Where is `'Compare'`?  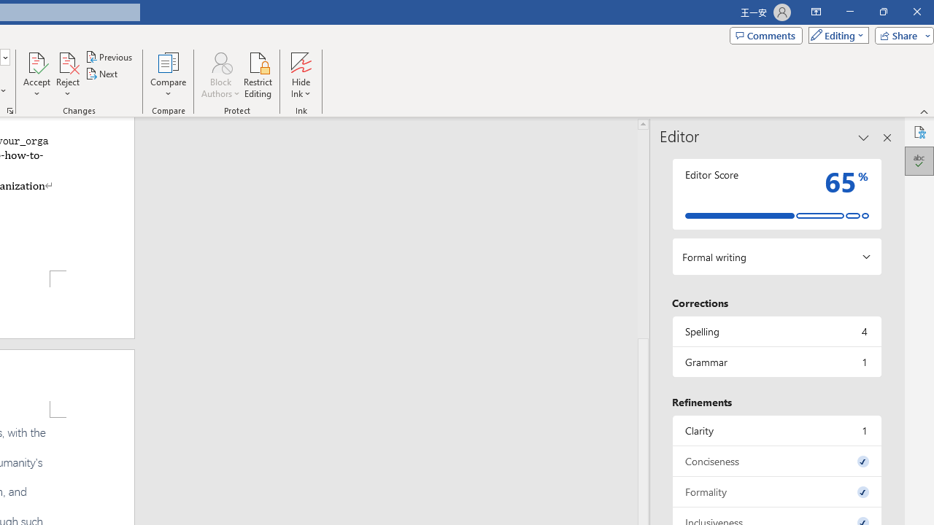 'Compare' is located at coordinates (169, 75).